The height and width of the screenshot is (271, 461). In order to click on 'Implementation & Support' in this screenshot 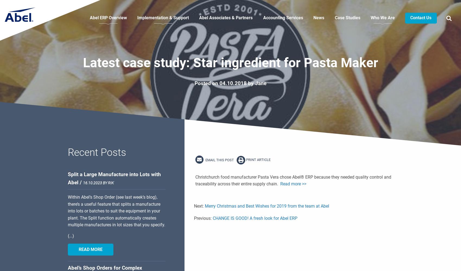, I will do `click(163, 17)`.